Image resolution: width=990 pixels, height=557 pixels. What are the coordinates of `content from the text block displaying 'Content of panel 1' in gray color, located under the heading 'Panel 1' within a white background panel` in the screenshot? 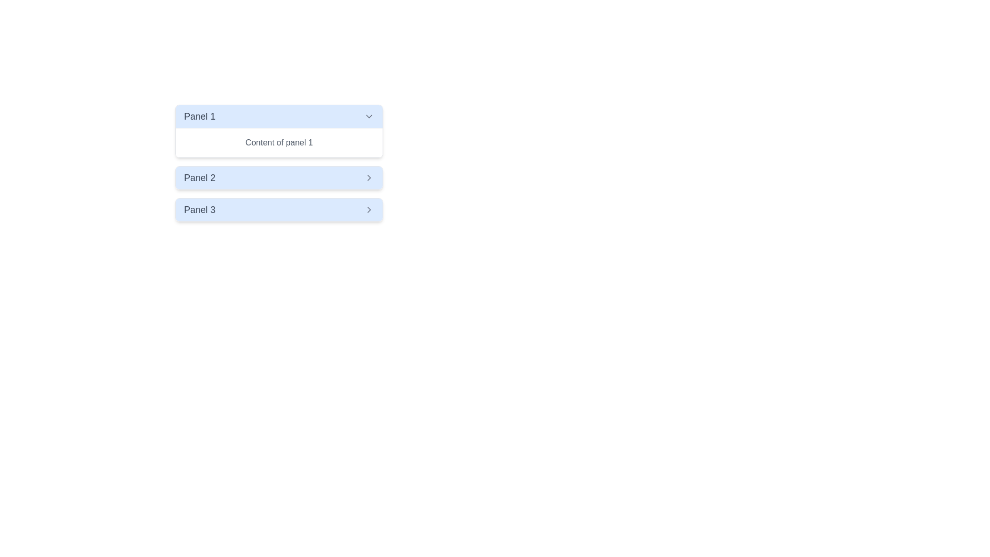 It's located at (279, 143).